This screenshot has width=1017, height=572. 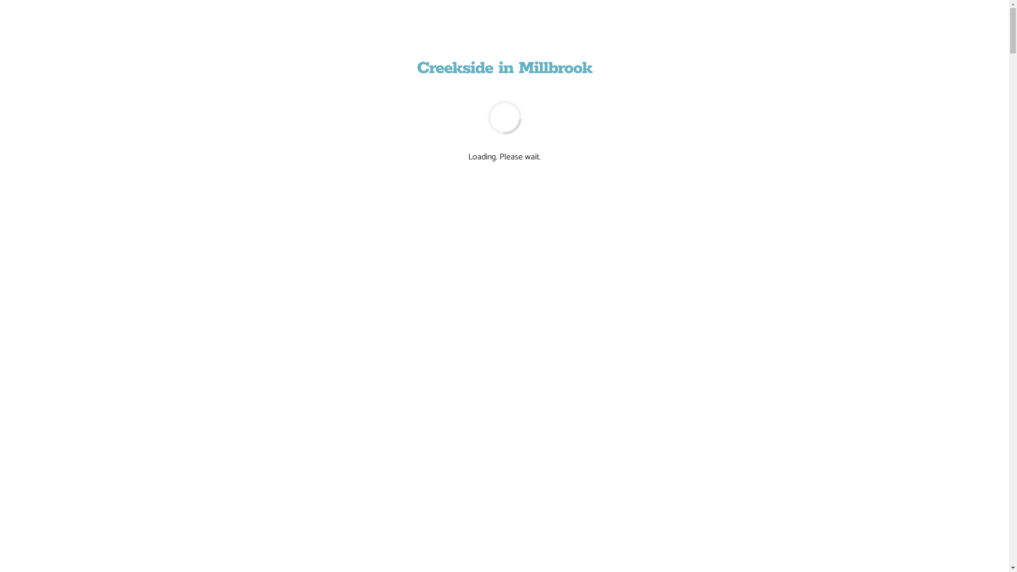 I want to click on 'Creekside in Millbrook', so click(x=504, y=68).